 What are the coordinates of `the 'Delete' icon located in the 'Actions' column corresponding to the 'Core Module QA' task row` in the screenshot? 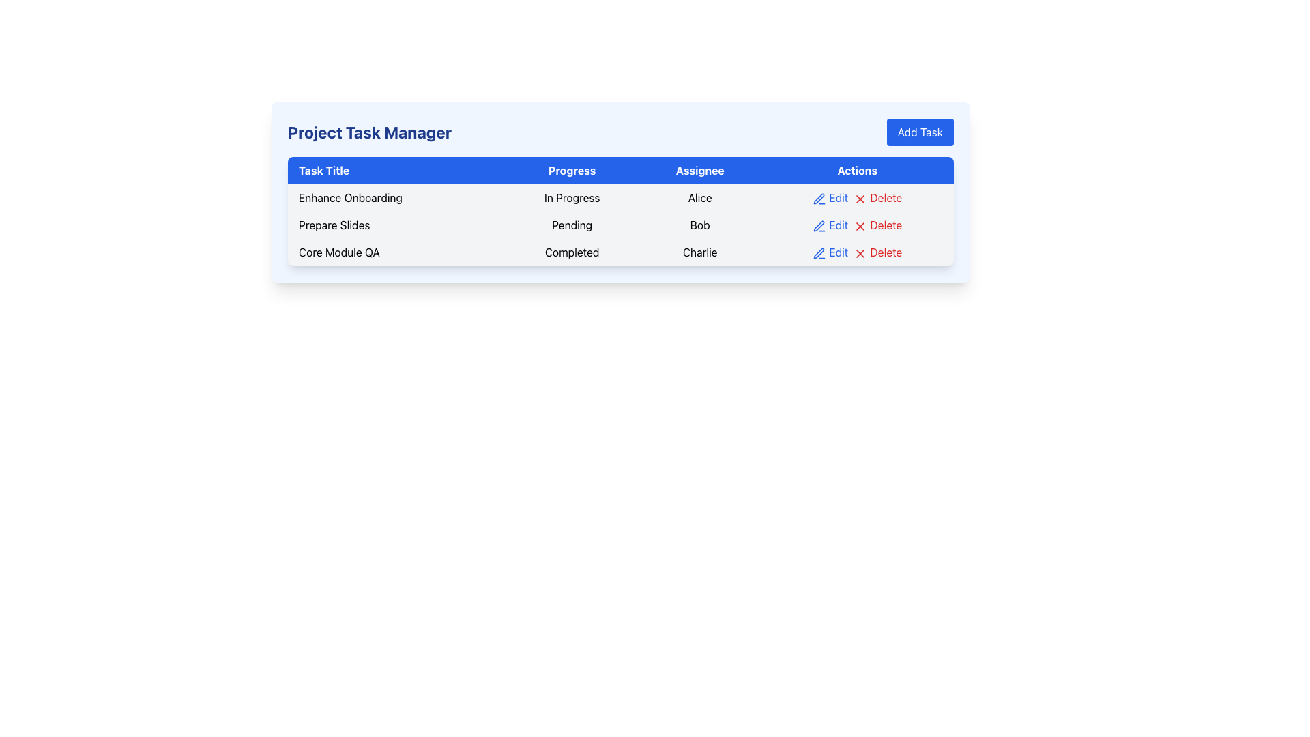 It's located at (860, 253).